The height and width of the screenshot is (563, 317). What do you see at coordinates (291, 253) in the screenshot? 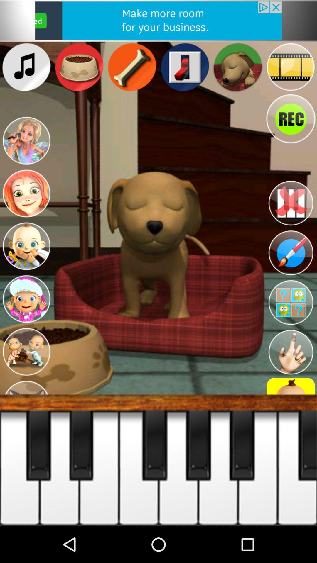
I see `the paint icon` at bounding box center [291, 253].